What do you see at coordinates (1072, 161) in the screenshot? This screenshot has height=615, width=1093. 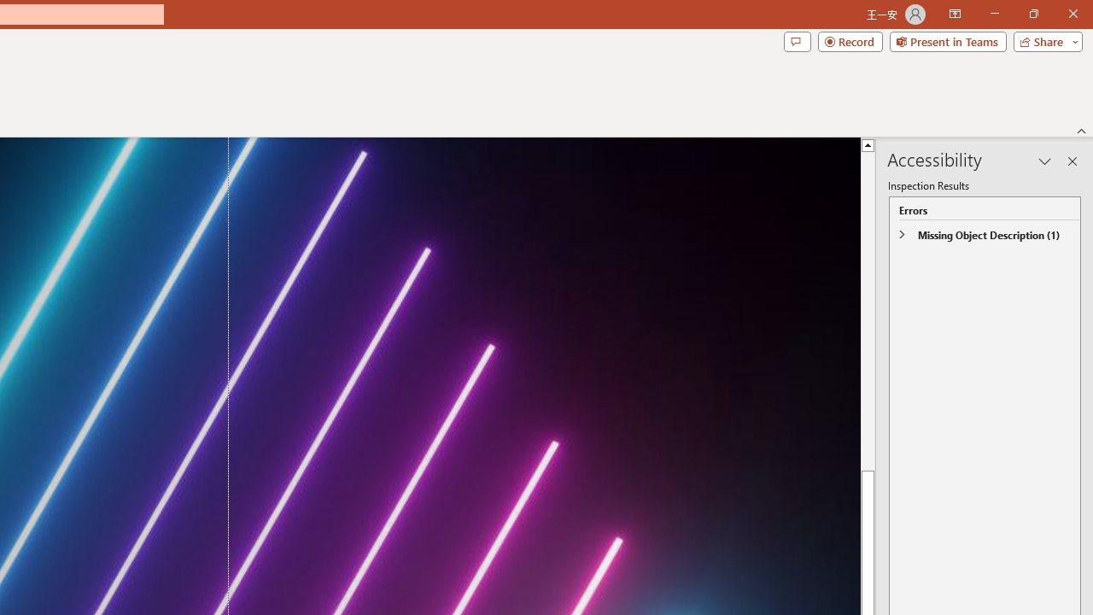 I see `'Close pane'` at bounding box center [1072, 161].